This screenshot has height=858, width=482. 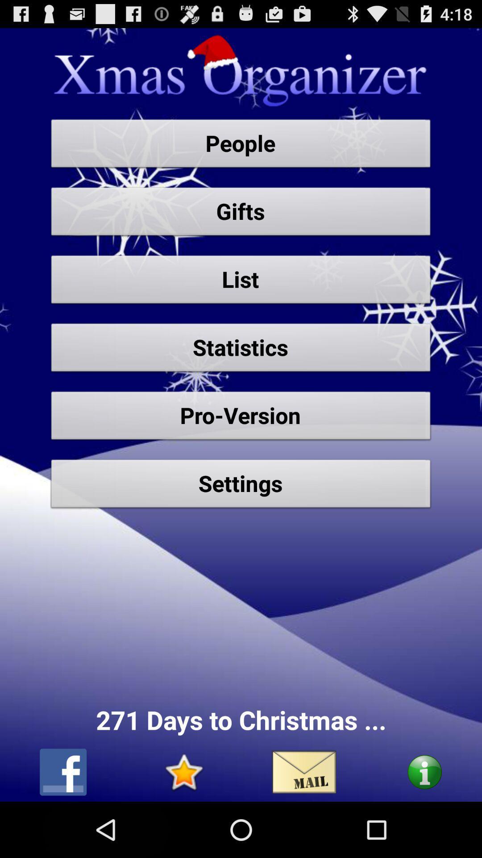 What do you see at coordinates (303, 772) in the screenshot?
I see `switch mail` at bounding box center [303, 772].